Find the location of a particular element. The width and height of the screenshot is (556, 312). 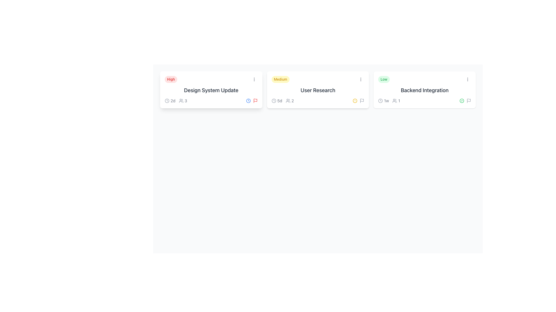

circular icon with a green border and a tick inside, located at the bottom-right corner of the 'Backend Integration' card is located at coordinates (461, 100).